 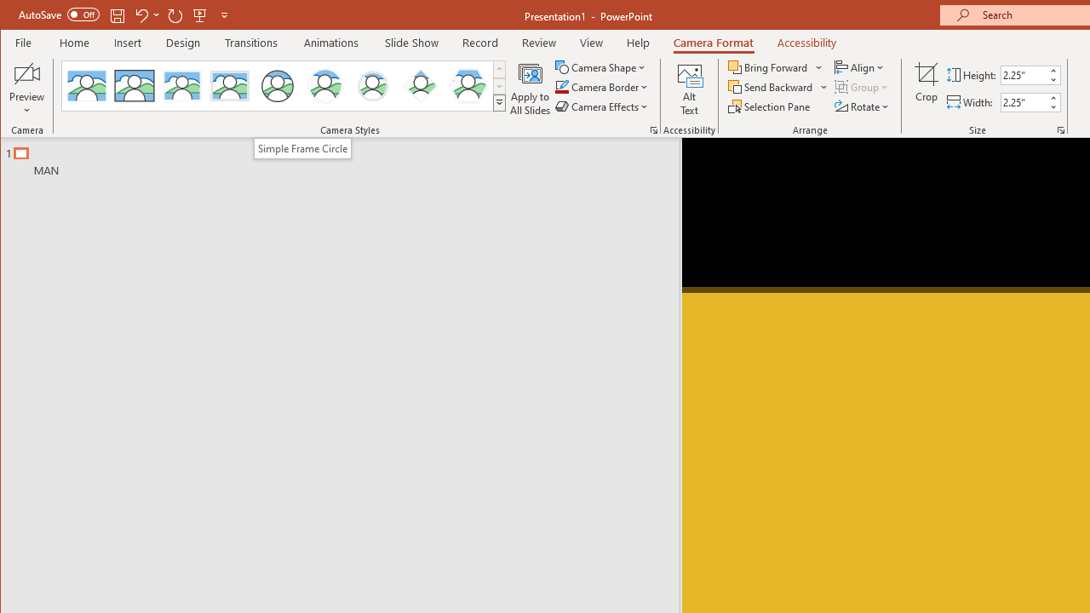 What do you see at coordinates (278, 85) in the screenshot?
I see `'Simple Frame Circle'` at bounding box center [278, 85].